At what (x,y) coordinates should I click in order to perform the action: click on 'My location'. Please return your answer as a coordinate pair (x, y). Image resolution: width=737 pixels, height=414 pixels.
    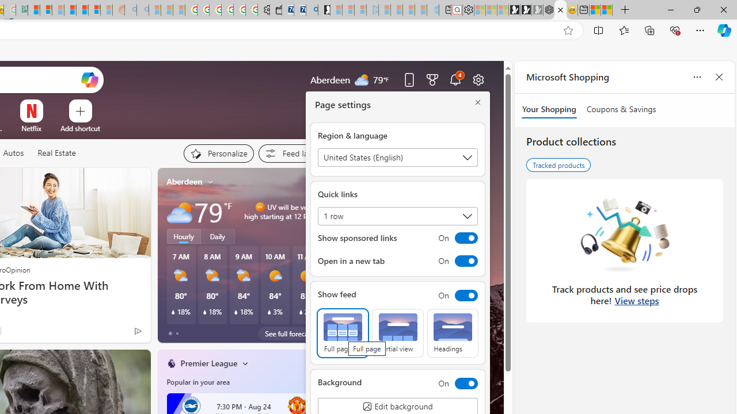
    Looking at the image, I should click on (210, 181).